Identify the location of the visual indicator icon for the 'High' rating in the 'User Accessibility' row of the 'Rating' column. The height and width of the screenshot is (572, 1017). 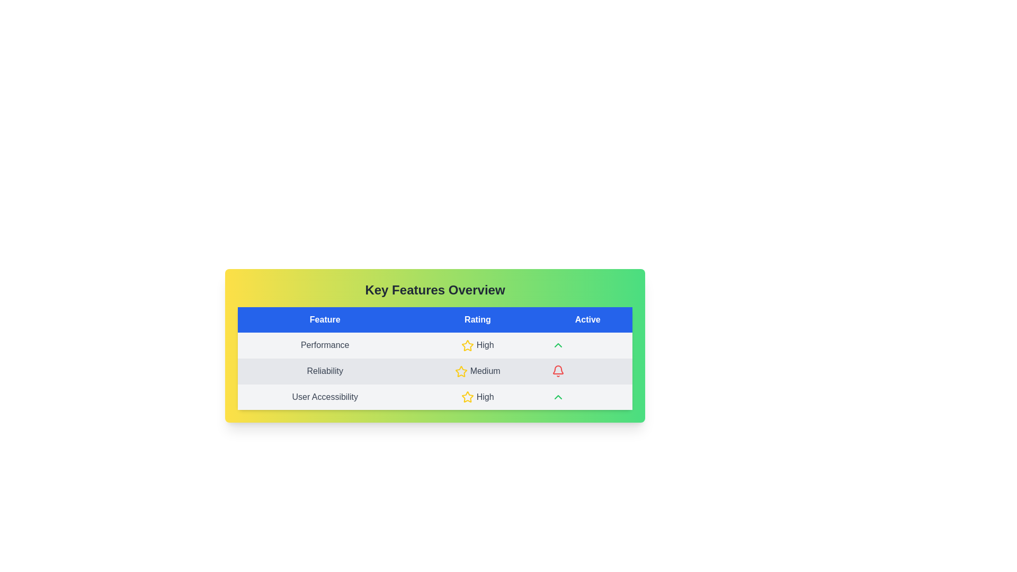
(467, 397).